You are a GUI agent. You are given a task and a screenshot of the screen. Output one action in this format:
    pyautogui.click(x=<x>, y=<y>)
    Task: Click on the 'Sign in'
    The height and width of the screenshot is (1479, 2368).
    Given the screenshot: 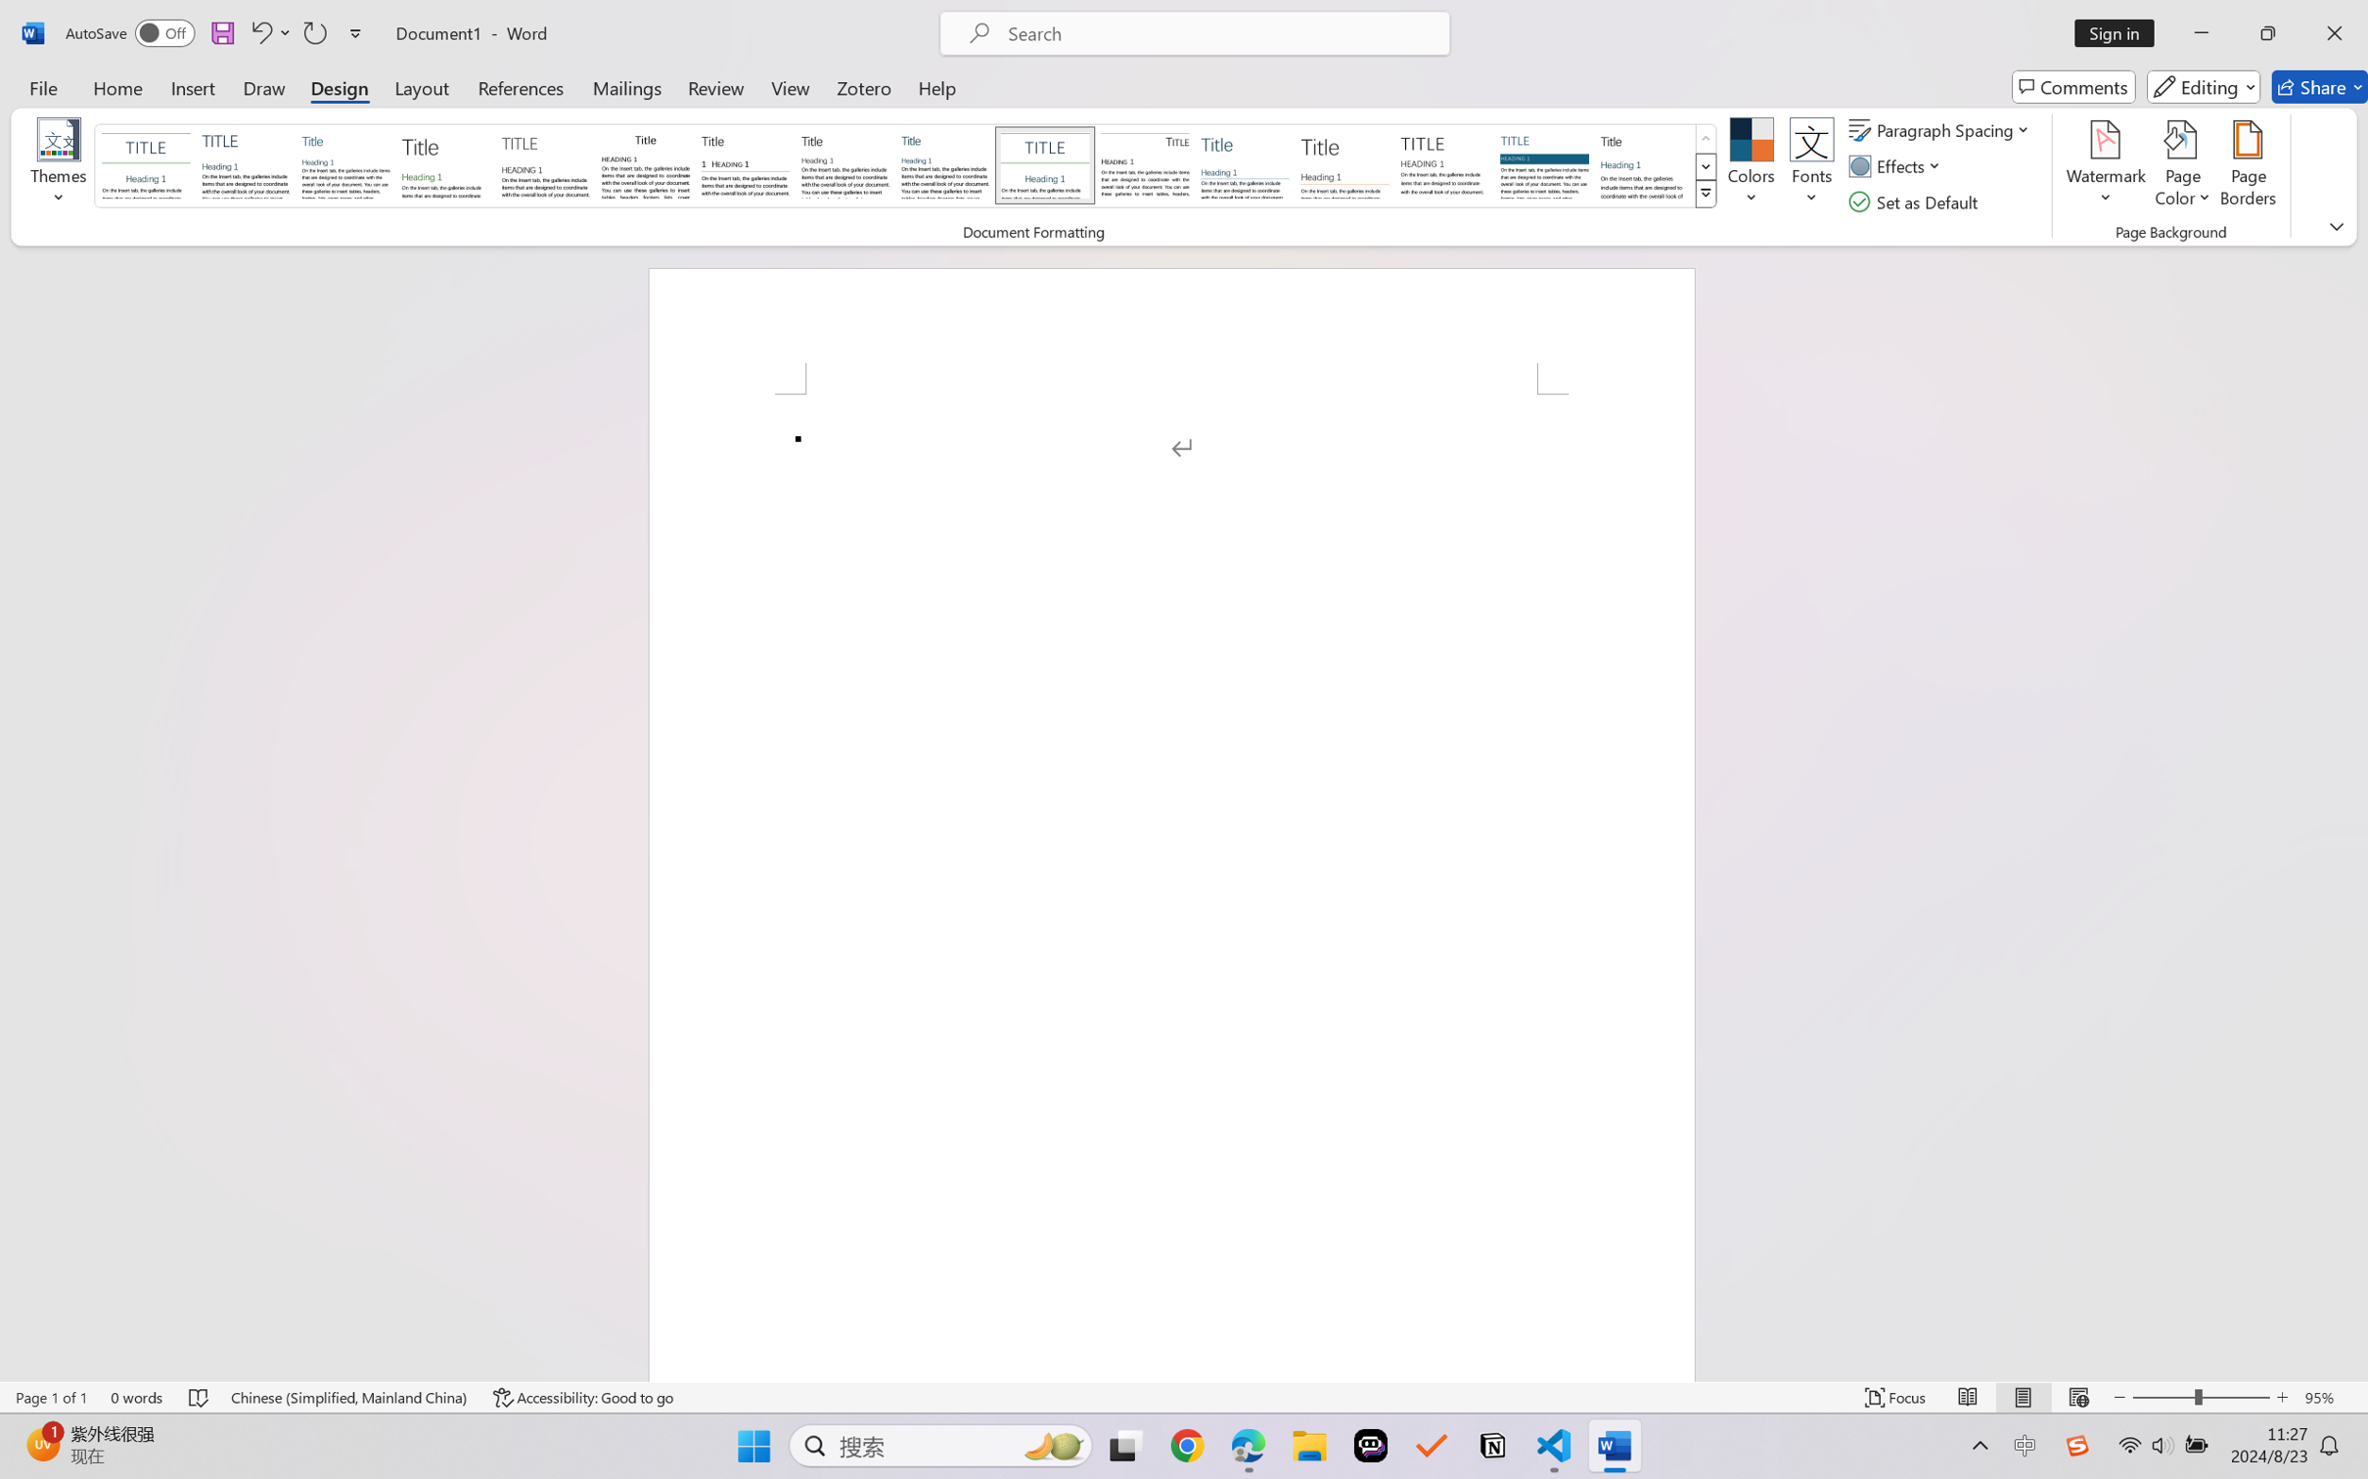 What is the action you would take?
    pyautogui.click(x=2121, y=32)
    